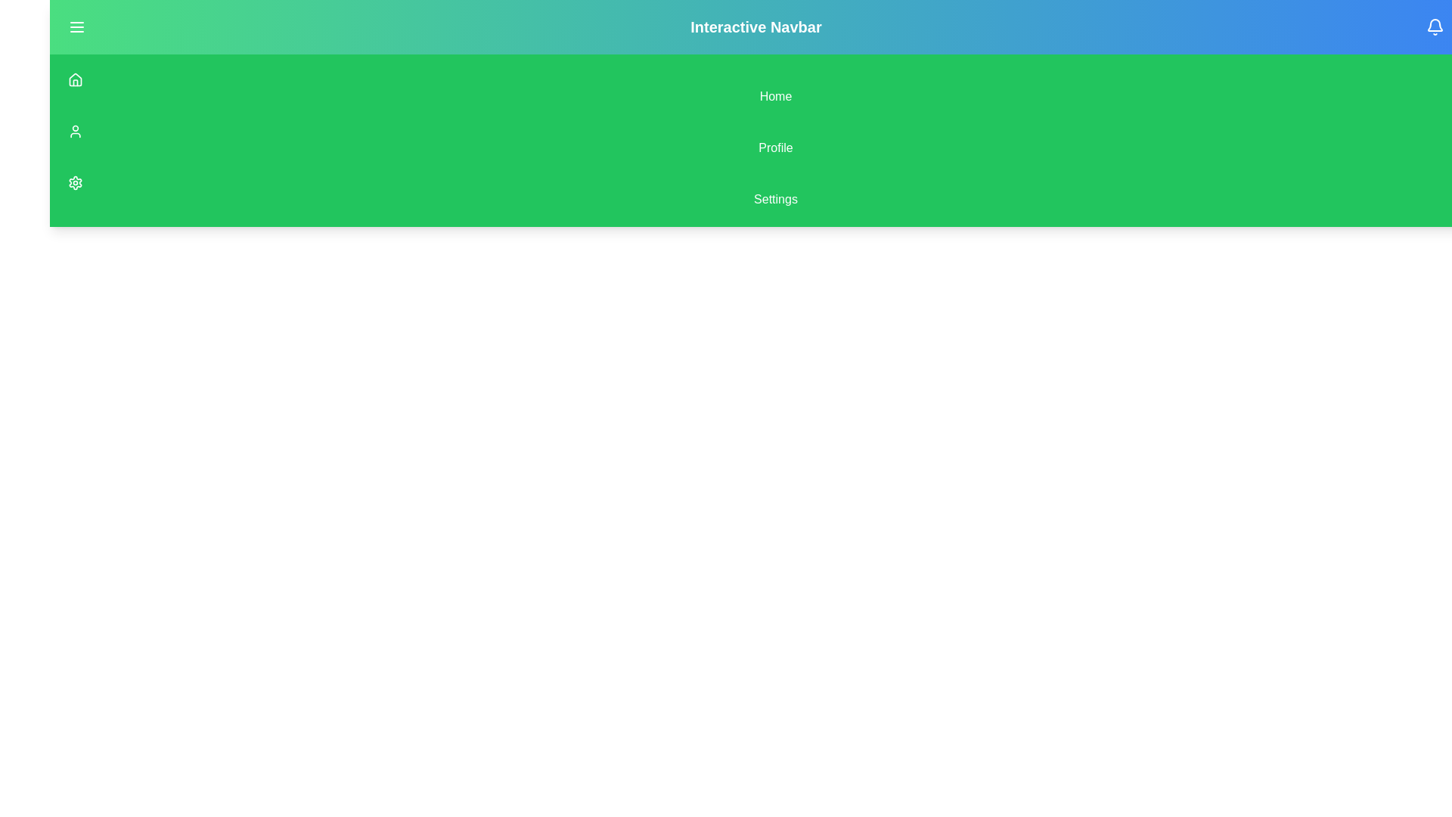 The width and height of the screenshot is (1452, 817). I want to click on the notification Icon button located at the far right of the horizontal navigation bar, so click(1434, 26).